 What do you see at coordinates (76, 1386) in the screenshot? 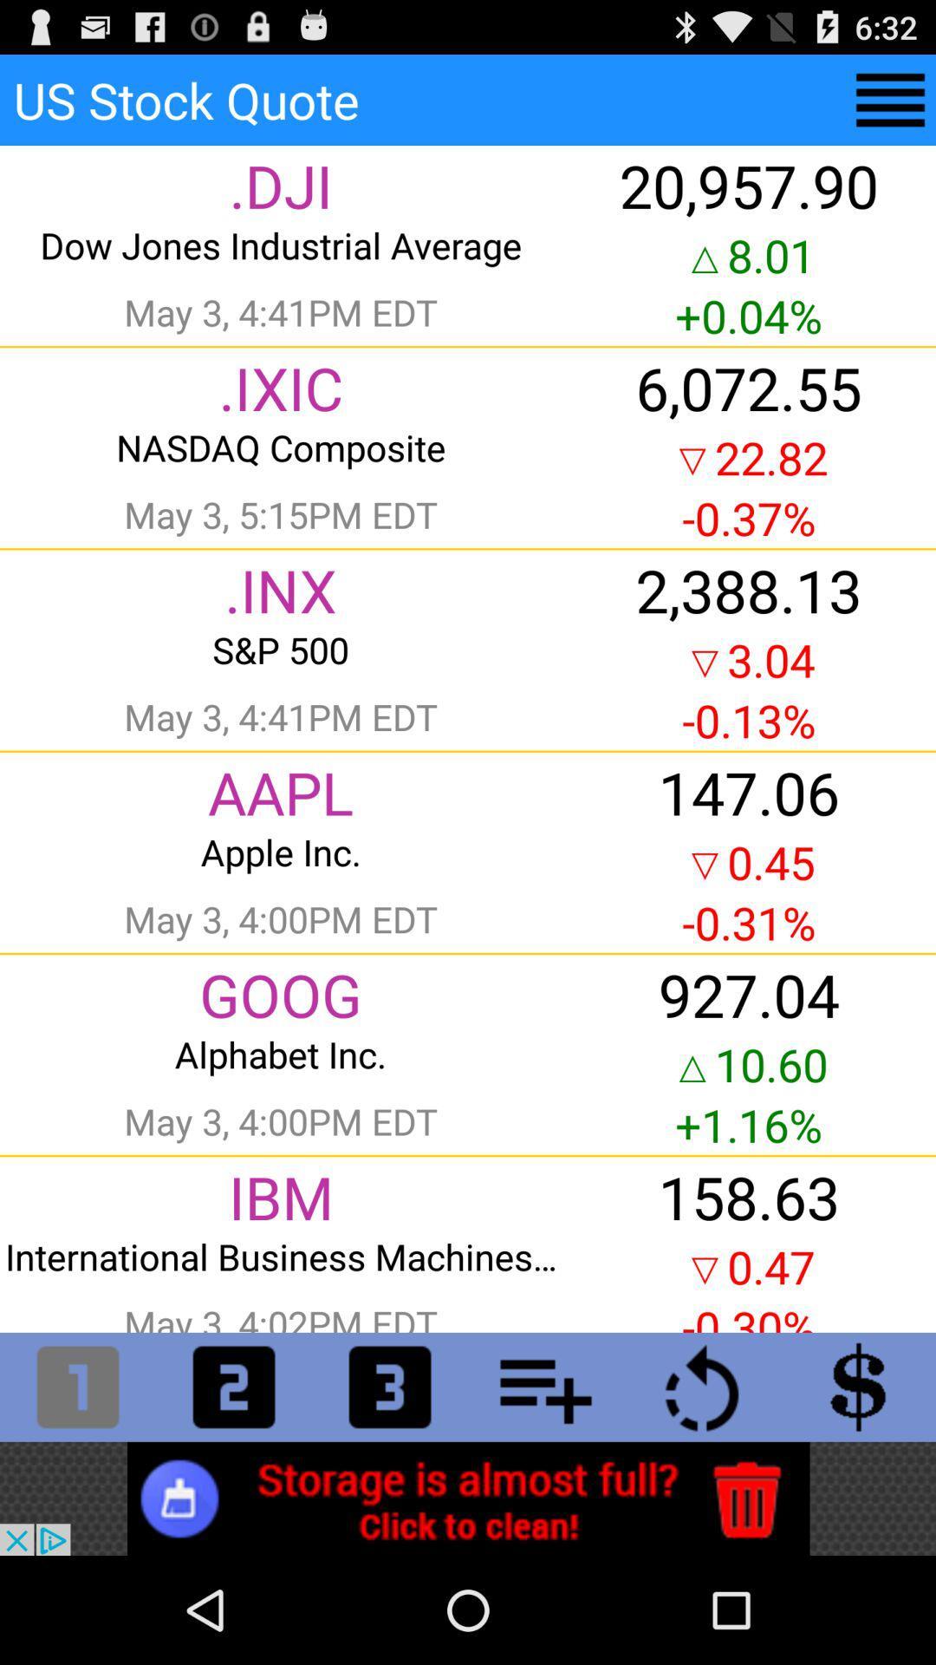
I see `numbers` at bounding box center [76, 1386].